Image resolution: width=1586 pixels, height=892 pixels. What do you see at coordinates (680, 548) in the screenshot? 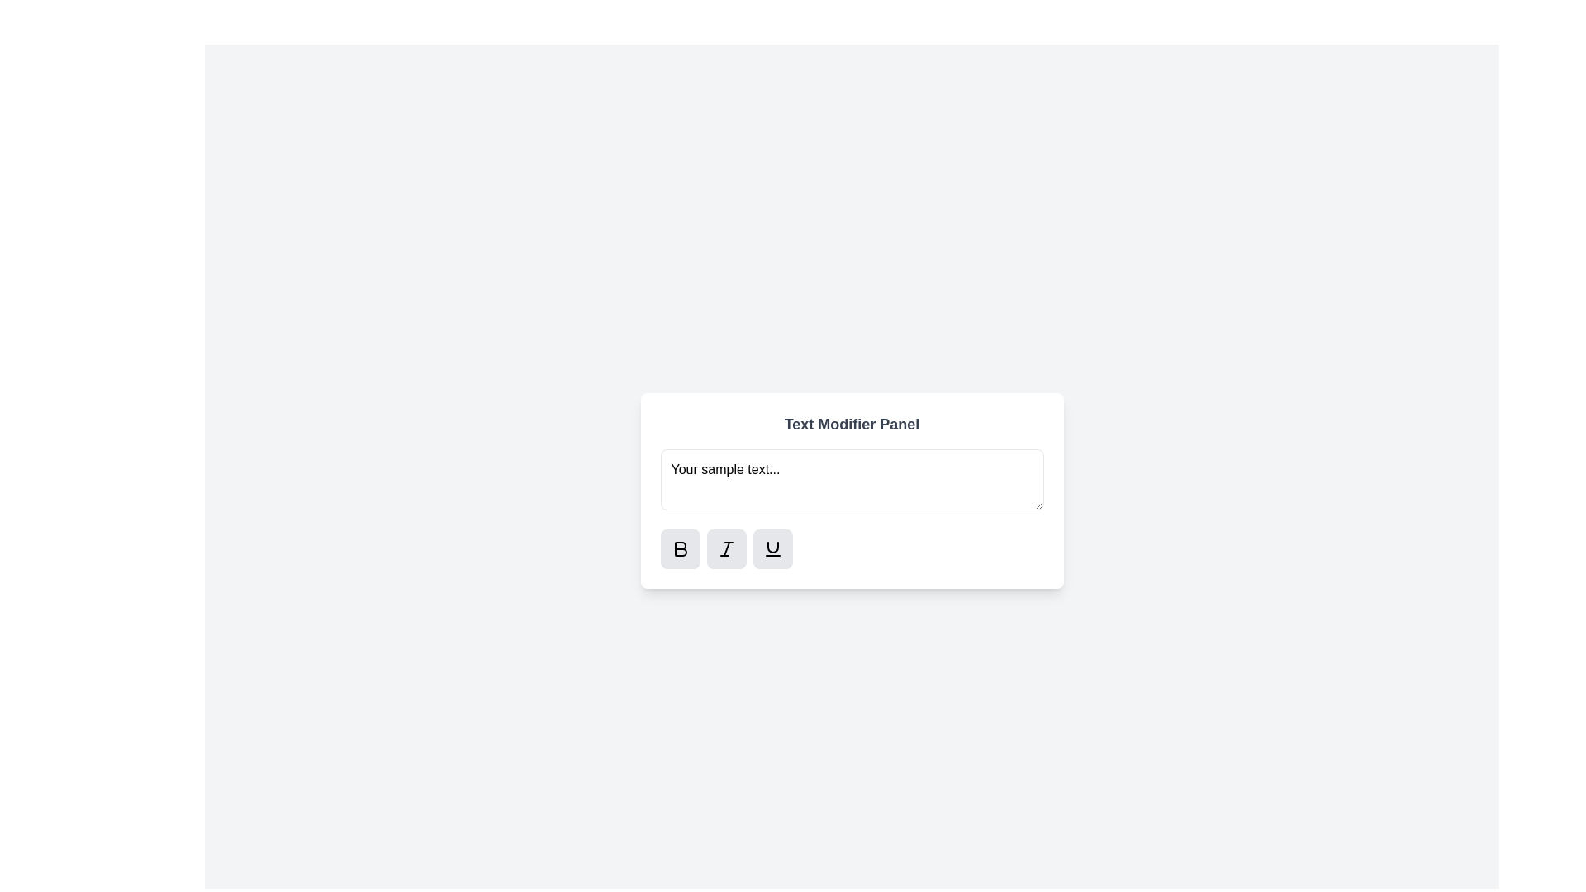
I see `the bold style toggle button to toggle the bold style for the text` at bounding box center [680, 548].